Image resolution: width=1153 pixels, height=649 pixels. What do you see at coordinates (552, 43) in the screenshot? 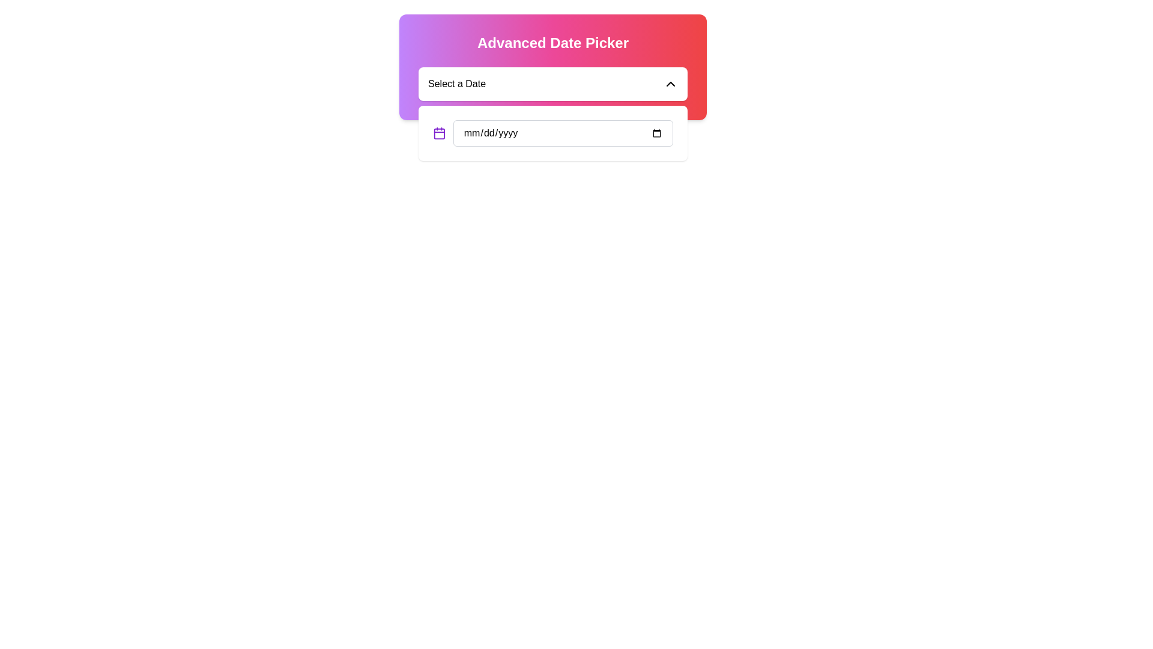
I see `the static text element that serves as the descriptive title for the card, located at the top section of the card with a gradient background and rounded corners` at bounding box center [552, 43].